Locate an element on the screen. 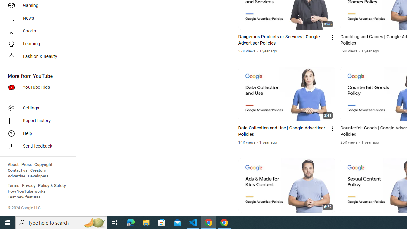 Image resolution: width=407 pixels, height=229 pixels. 'About' is located at coordinates (13, 164).